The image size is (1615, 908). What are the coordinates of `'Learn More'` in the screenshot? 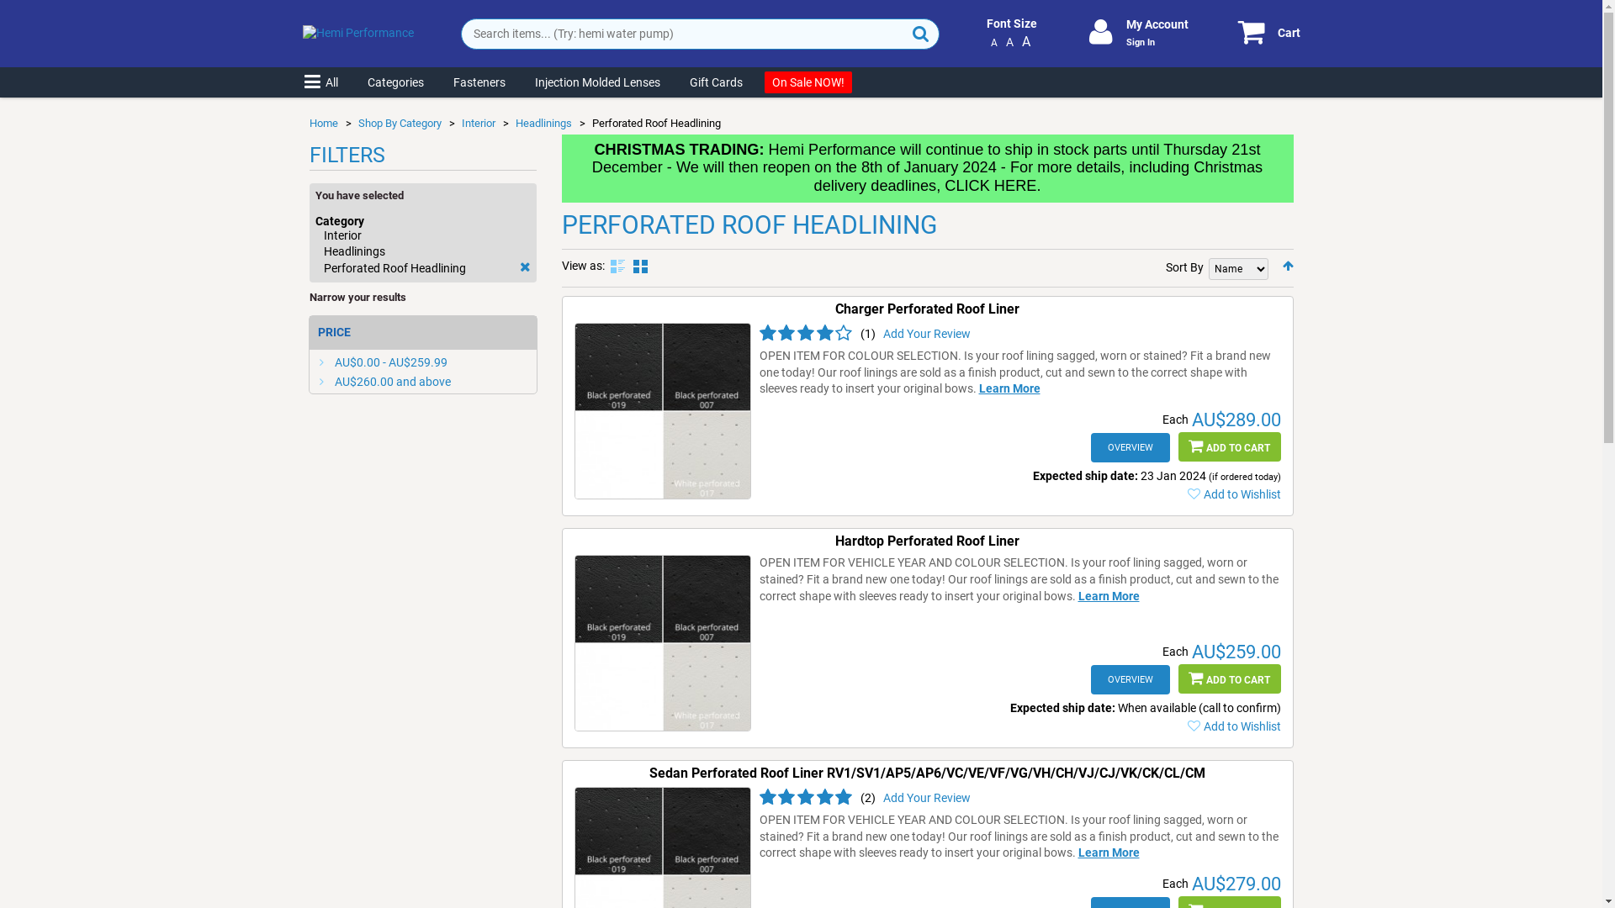 It's located at (1109, 853).